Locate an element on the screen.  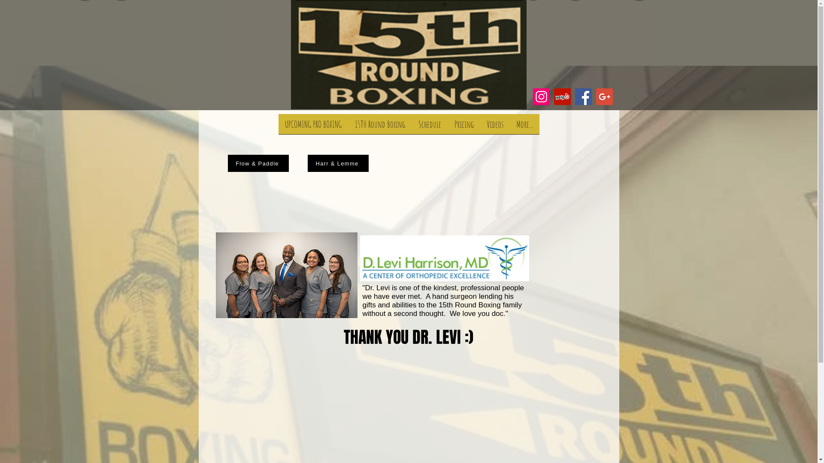
'15th orgnl.png' is located at coordinates (408, 54).